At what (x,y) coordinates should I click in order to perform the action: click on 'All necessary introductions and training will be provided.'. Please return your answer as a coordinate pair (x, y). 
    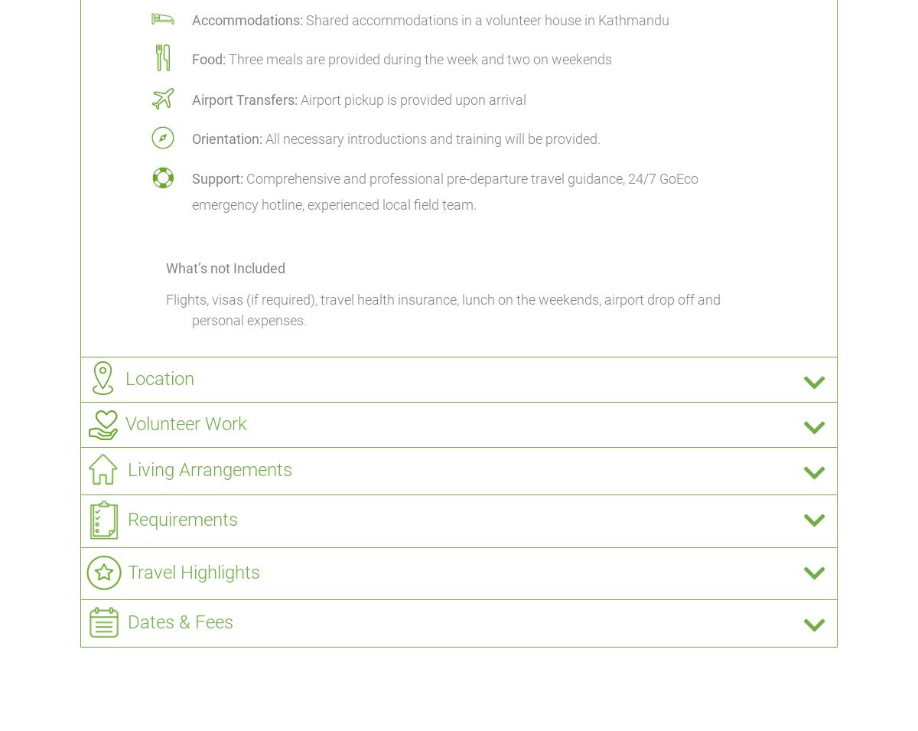
    Looking at the image, I should click on (431, 139).